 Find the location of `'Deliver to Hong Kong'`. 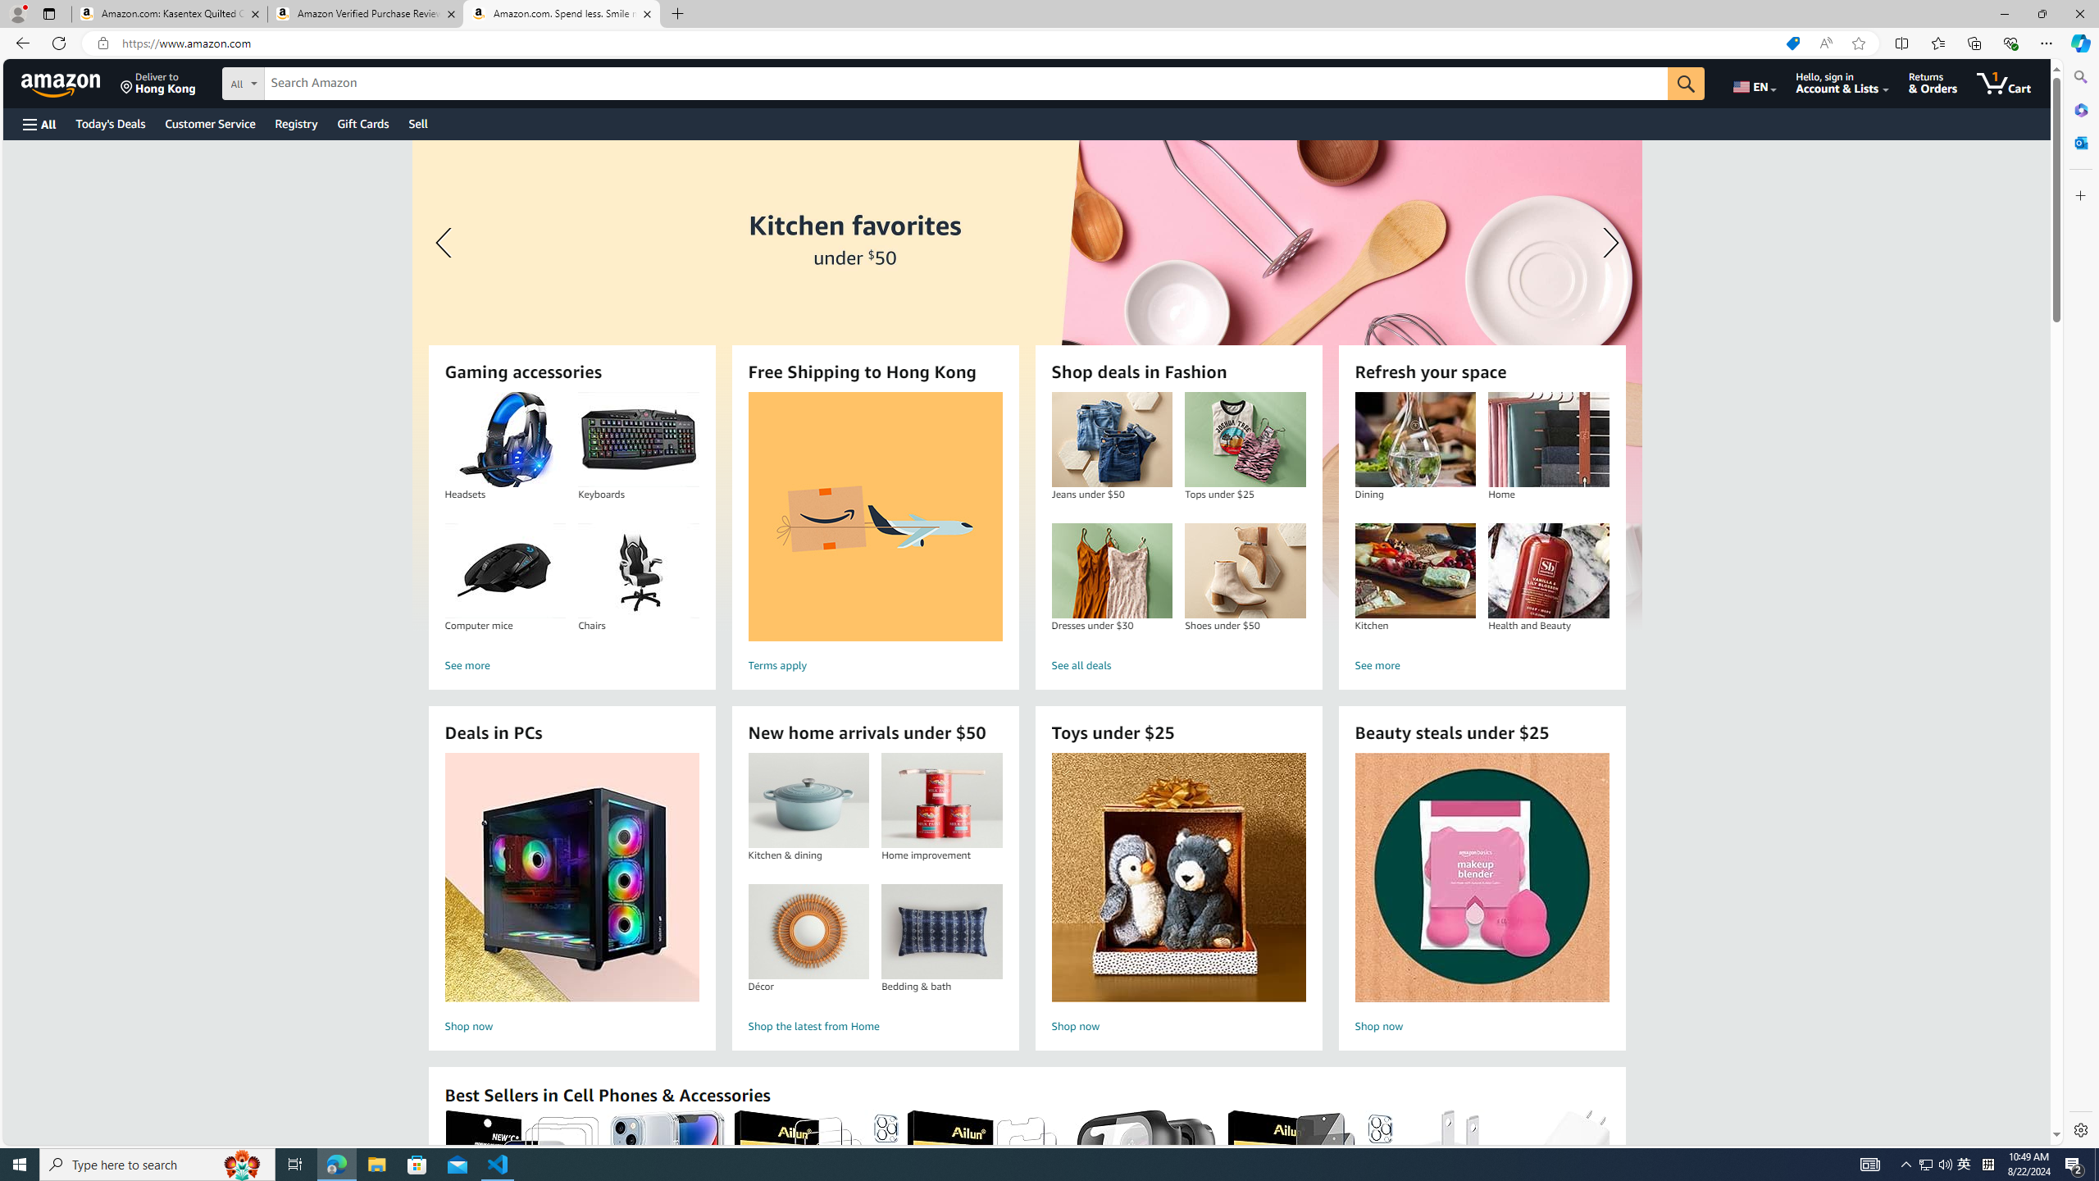

'Deliver to Hong Kong' is located at coordinates (157, 82).